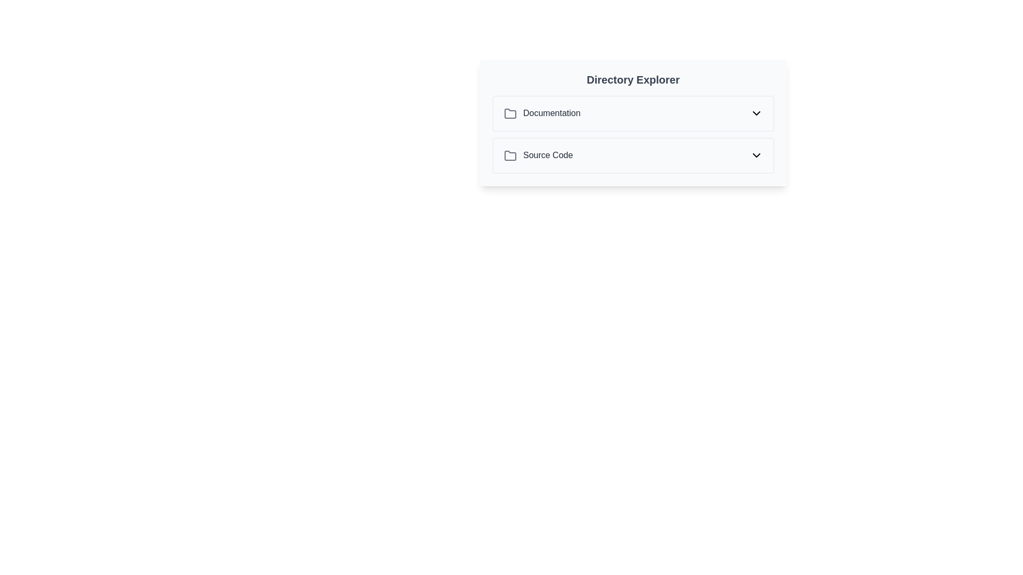 This screenshot has width=1023, height=575. I want to click on the folder icon with a gray outline labeled 'Source Code' in the directory explorer interface, located in the second row before the text 'Source Code', so click(509, 155).